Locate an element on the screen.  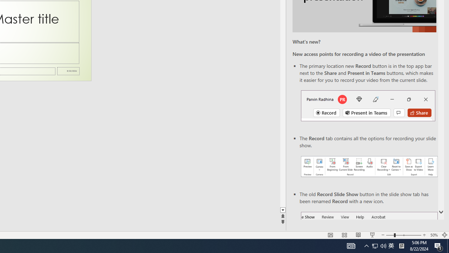
'Record button in top bar' is located at coordinates (368, 105).